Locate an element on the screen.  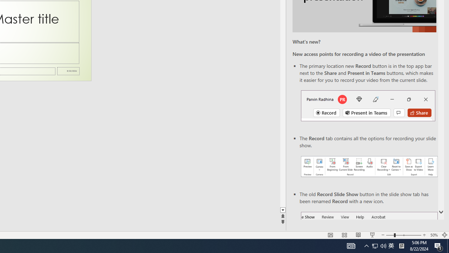
'Record button in top bar' is located at coordinates (368, 105).